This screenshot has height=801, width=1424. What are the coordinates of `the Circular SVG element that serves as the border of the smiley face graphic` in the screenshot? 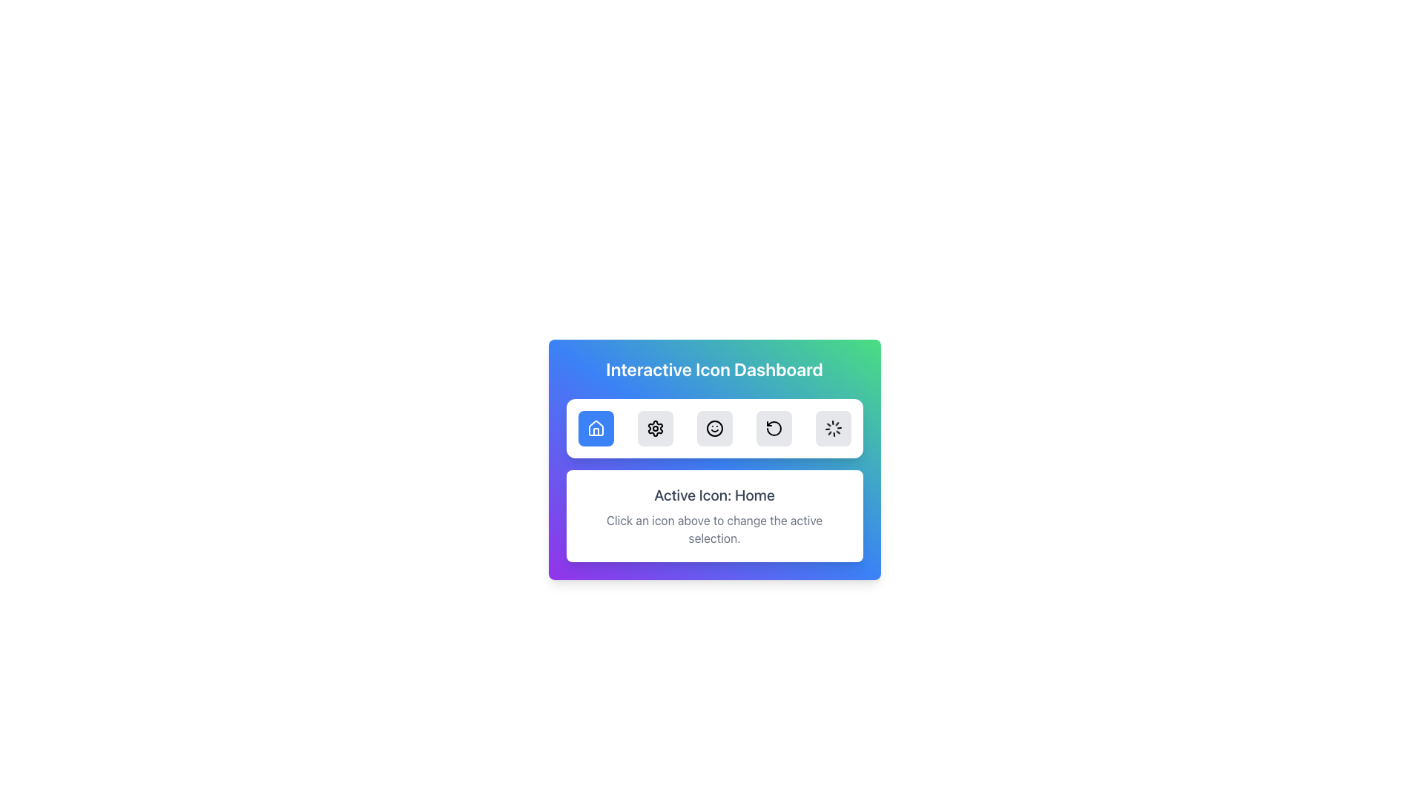 It's located at (714, 429).